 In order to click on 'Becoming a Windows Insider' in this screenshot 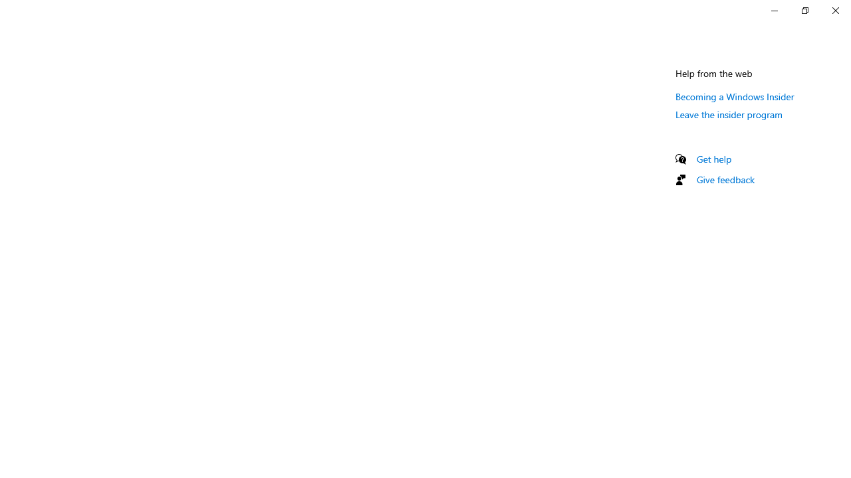, I will do `click(734, 96)`.